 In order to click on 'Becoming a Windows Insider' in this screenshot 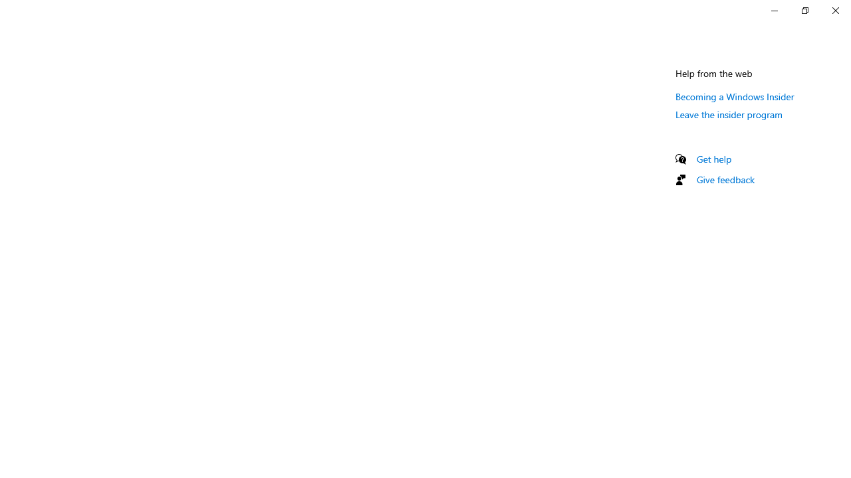, I will do `click(734, 96)`.